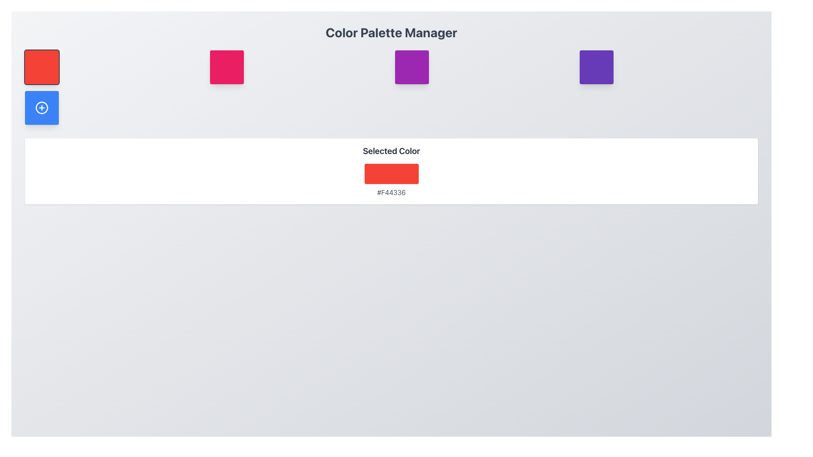  Describe the element at coordinates (227, 66) in the screenshot. I see `the second selectable color box, which applies the associated pink color` at that location.